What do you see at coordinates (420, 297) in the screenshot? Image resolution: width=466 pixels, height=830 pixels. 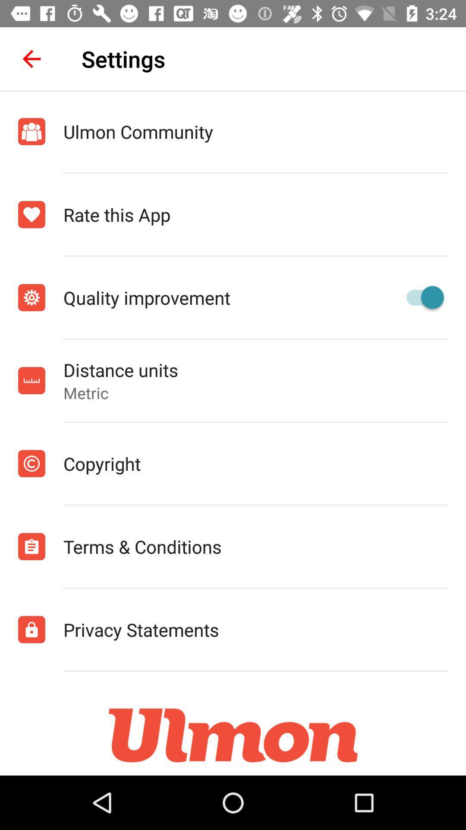 I see `turn on button` at bounding box center [420, 297].